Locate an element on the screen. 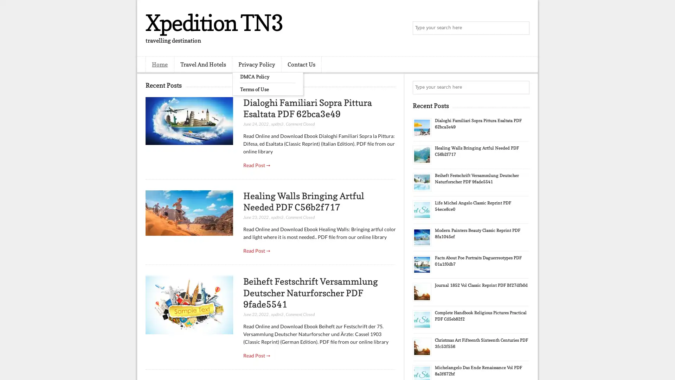 Image resolution: width=675 pixels, height=380 pixels. Search is located at coordinates (522, 87).